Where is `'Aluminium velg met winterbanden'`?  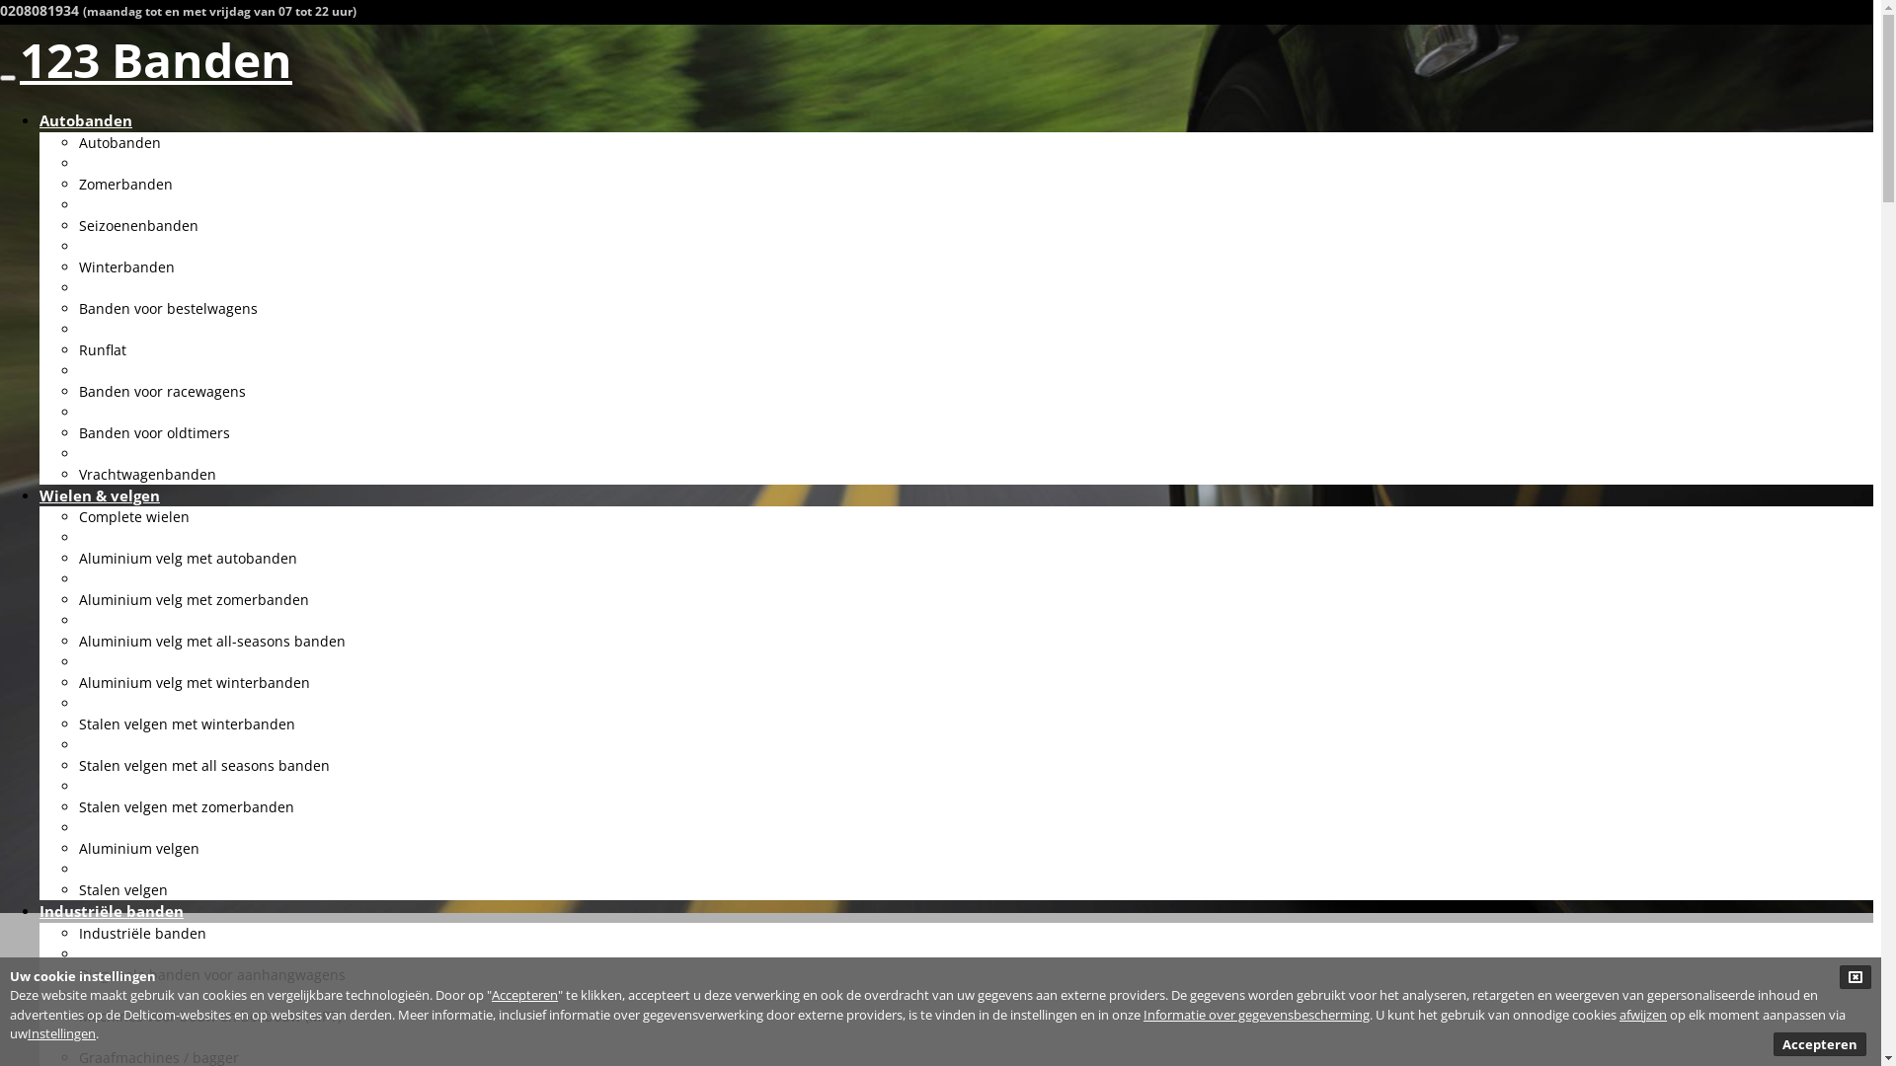 'Aluminium velg met winterbanden' is located at coordinates (194, 681).